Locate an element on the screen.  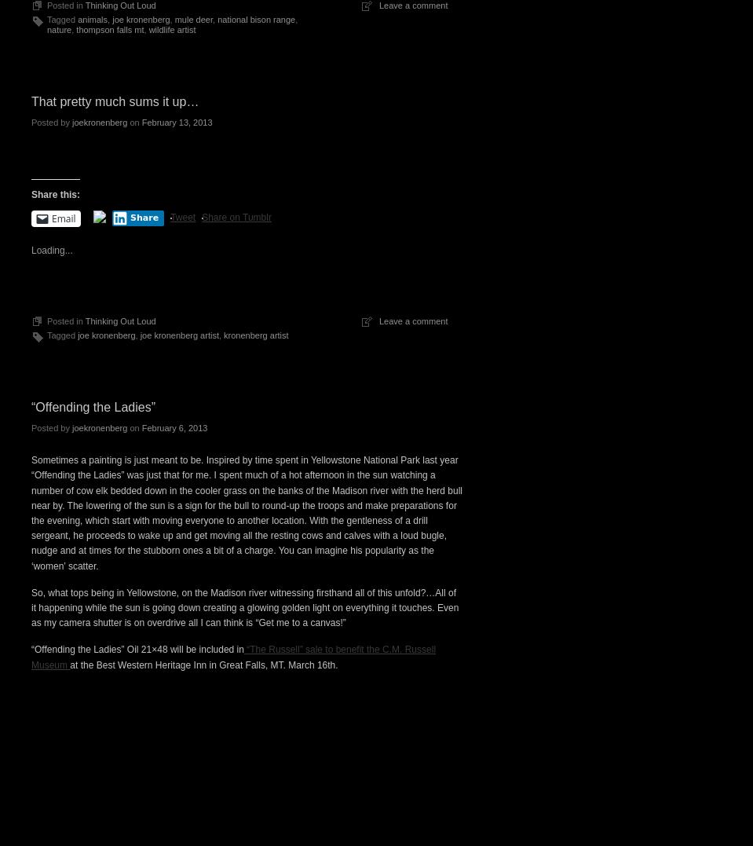
'kronenberg artist' is located at coordinates (254, 333).